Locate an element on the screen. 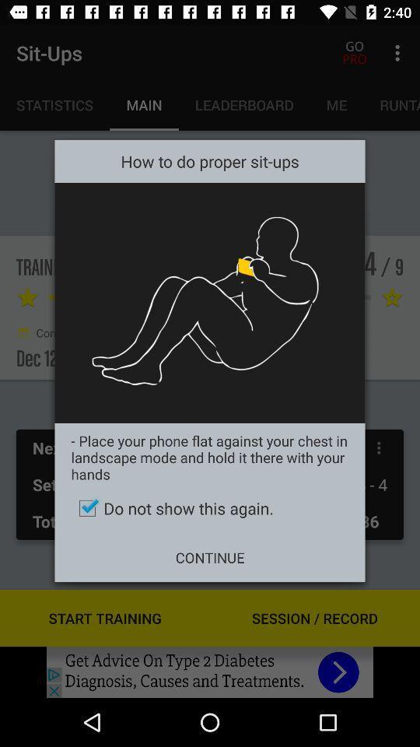 The width and height of the screenshot is (420, 747). the continue is located at coordinates (210, 557).